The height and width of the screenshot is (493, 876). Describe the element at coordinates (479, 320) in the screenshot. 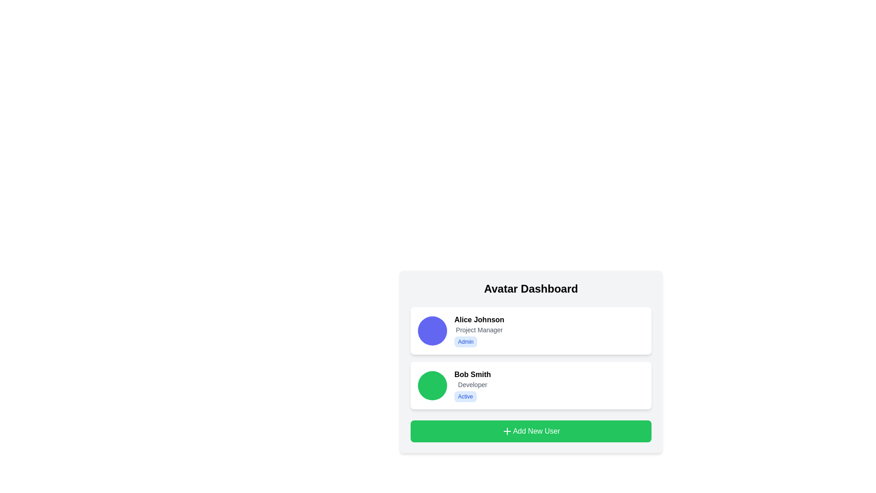

I see `the text label displaying 'Alice Johnson'` at that location.